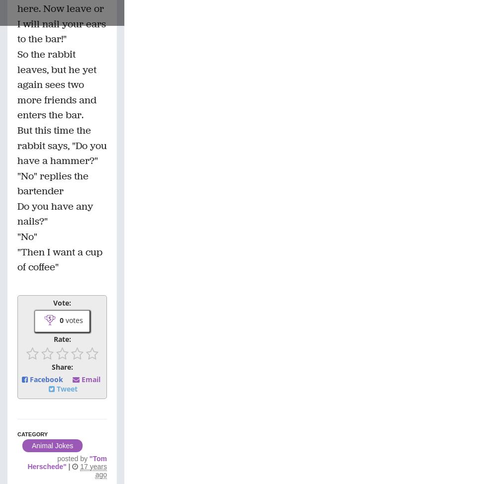  I want to click on '"Then I want a cup of coffee"', so click(60, 259).